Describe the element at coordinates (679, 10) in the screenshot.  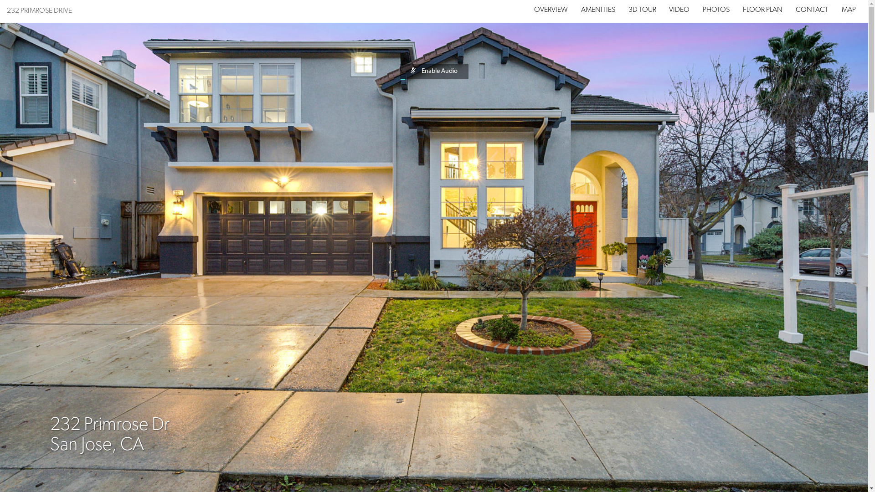
I see `'VIDEO'` at that location.